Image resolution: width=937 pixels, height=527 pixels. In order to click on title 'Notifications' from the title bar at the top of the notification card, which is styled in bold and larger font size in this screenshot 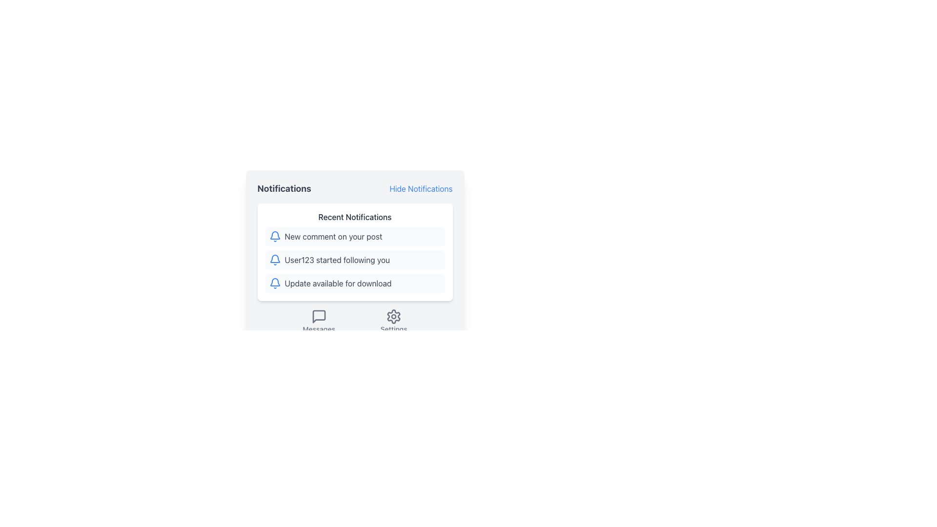, I will do `click(354, 188)`.